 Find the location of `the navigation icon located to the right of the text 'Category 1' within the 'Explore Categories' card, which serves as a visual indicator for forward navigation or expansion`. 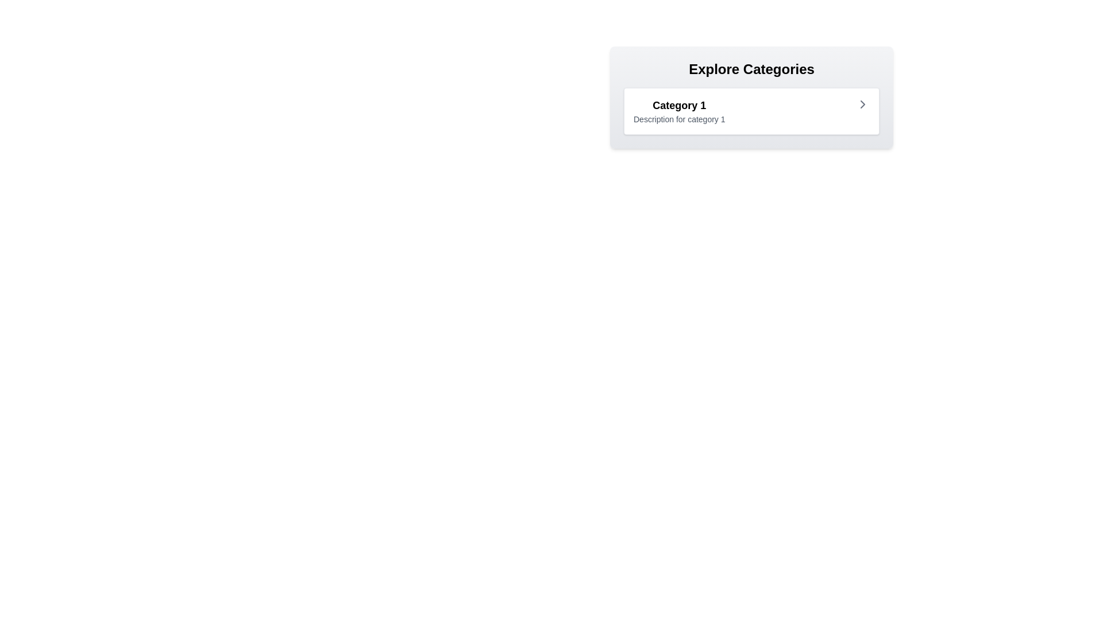

the navigation icon located to the right of the text 'Category 1' within the 'Explore Categories' card, which serves as a visual indicator for forward navigation or expansion is located at coordinates (863, 104).